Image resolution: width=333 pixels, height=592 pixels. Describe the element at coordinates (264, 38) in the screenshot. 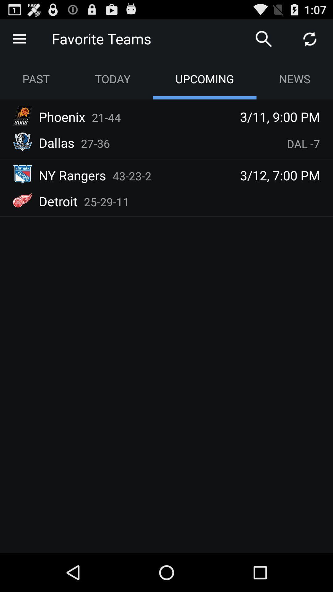

I see `search any one` at that location.